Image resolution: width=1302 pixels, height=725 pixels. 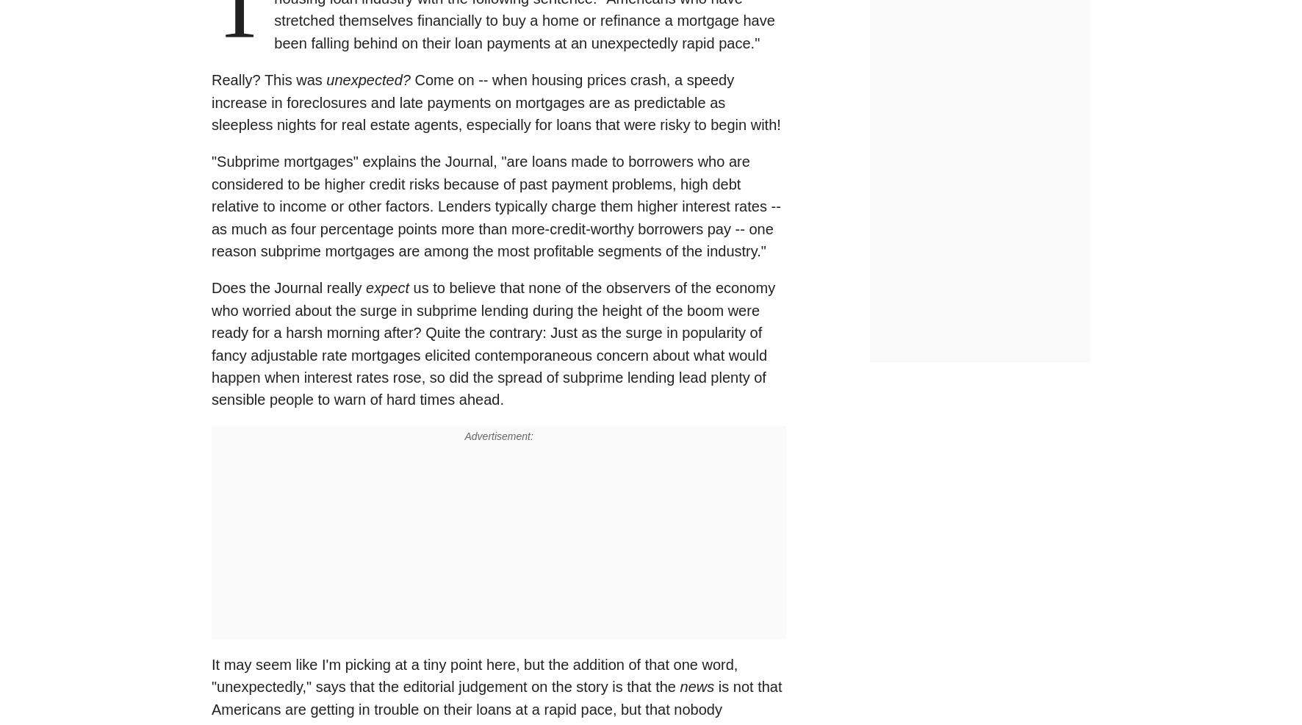 I want to click on 'Really? This was', so click(x=268, y=79).